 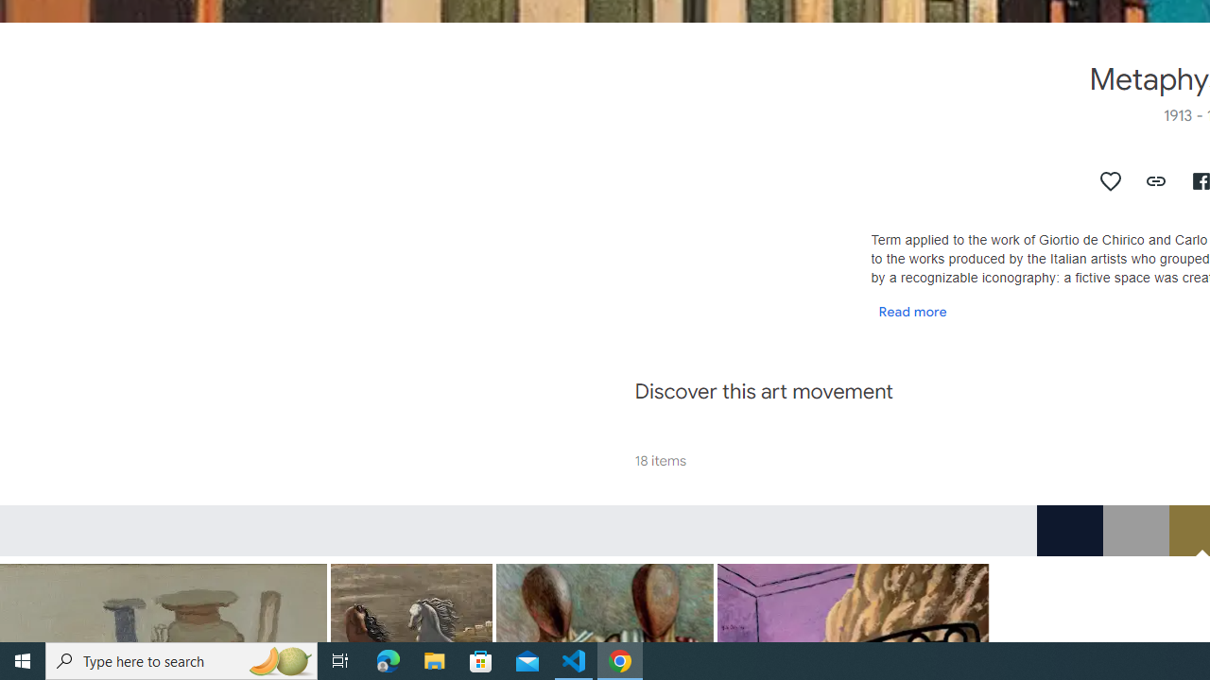 I want to click on 'RGB_9C9C9C', so click(x=1134, y=530).